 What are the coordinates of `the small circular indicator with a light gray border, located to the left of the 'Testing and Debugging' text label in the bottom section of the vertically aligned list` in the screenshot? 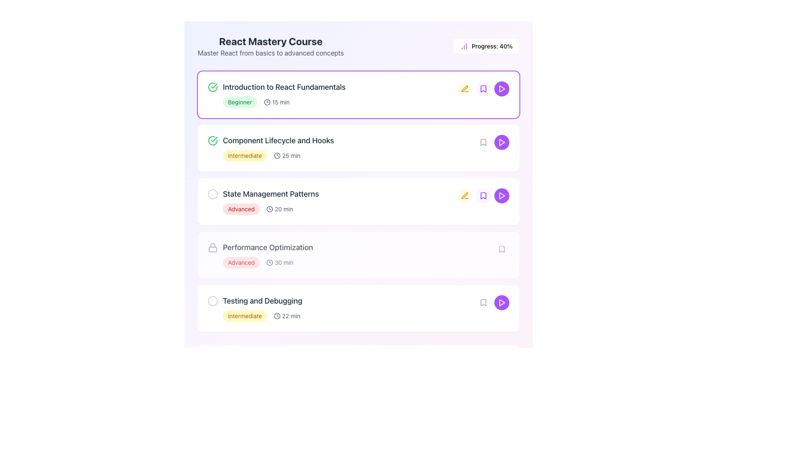 It's located at (212, 301).